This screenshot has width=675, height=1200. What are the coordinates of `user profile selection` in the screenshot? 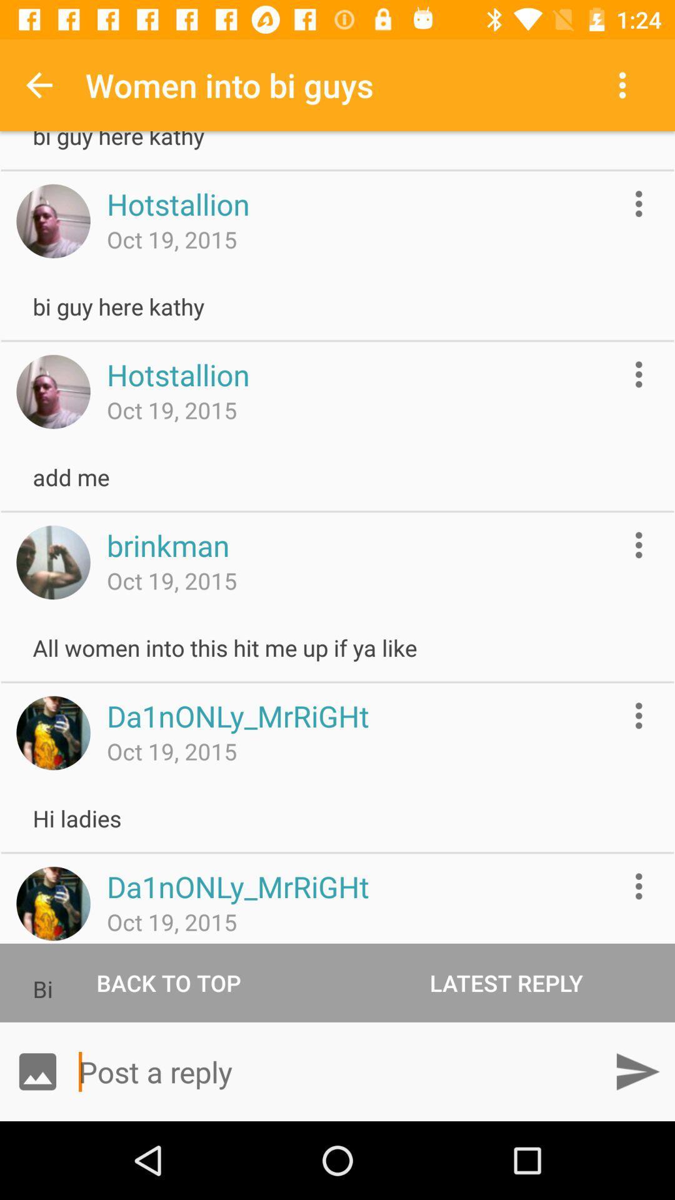 It's located at (52, 903).